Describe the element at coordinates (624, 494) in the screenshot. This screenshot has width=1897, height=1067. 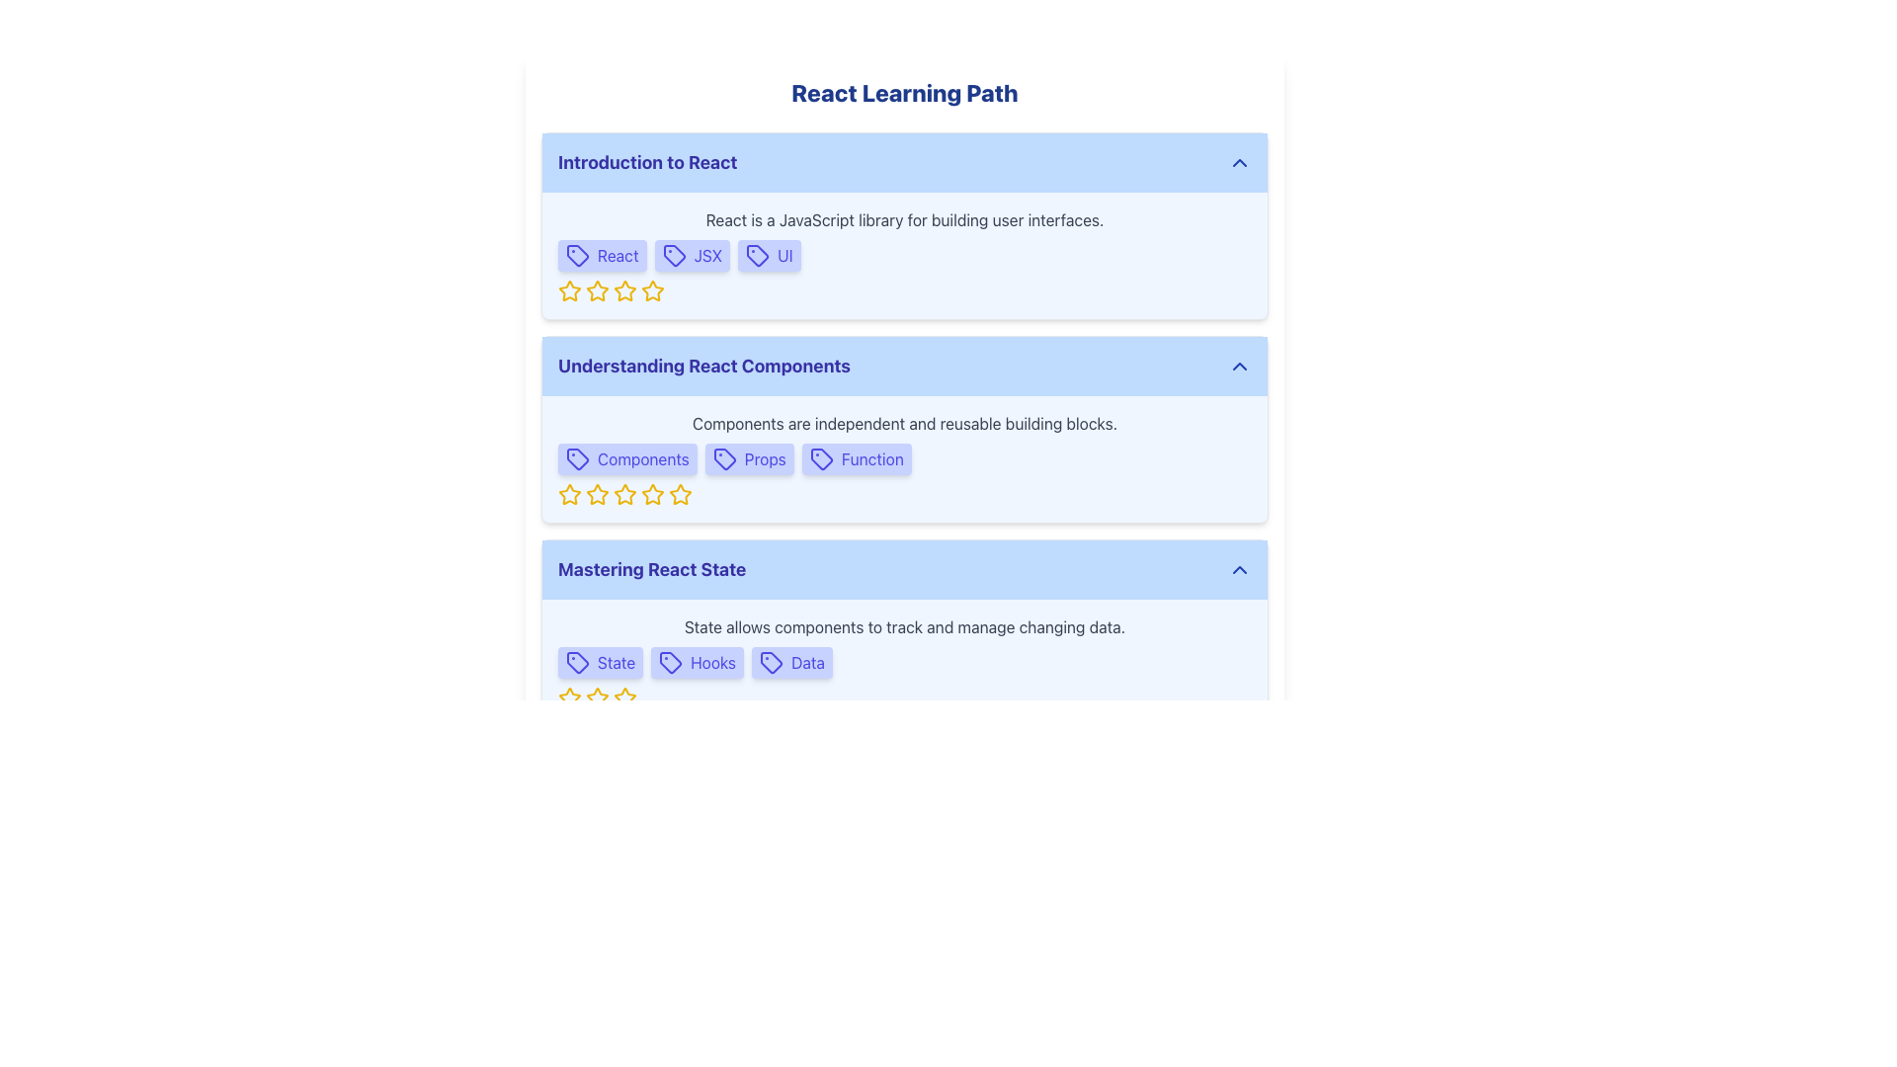
I see `the fourth star icon in the rating section of the 'Understanding React Components' learning module` at that location.